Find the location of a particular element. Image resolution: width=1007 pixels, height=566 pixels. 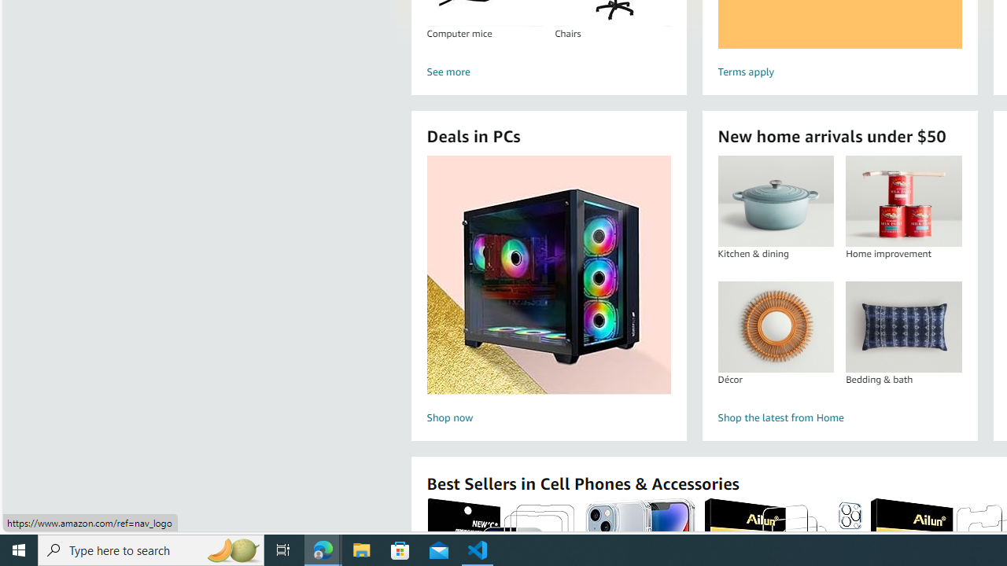

'Bedding & bath' is located at coordinates (903, 325).